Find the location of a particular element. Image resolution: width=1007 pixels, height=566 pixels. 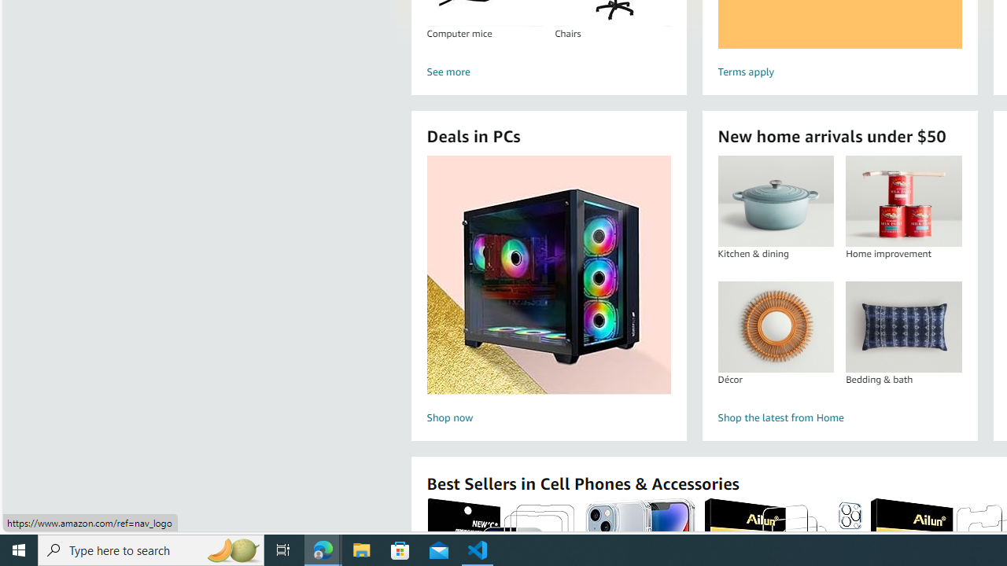

'Bedding & bath' is located at coordinates (903, 325).